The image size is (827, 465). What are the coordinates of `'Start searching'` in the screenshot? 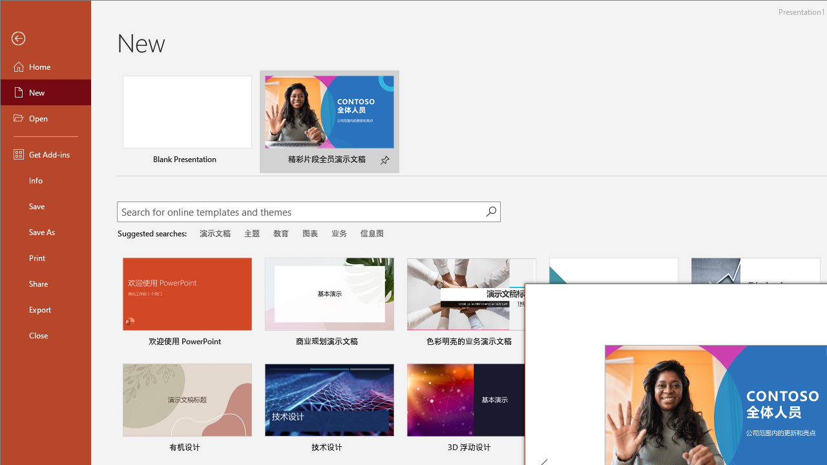 It's located at (490, 211).